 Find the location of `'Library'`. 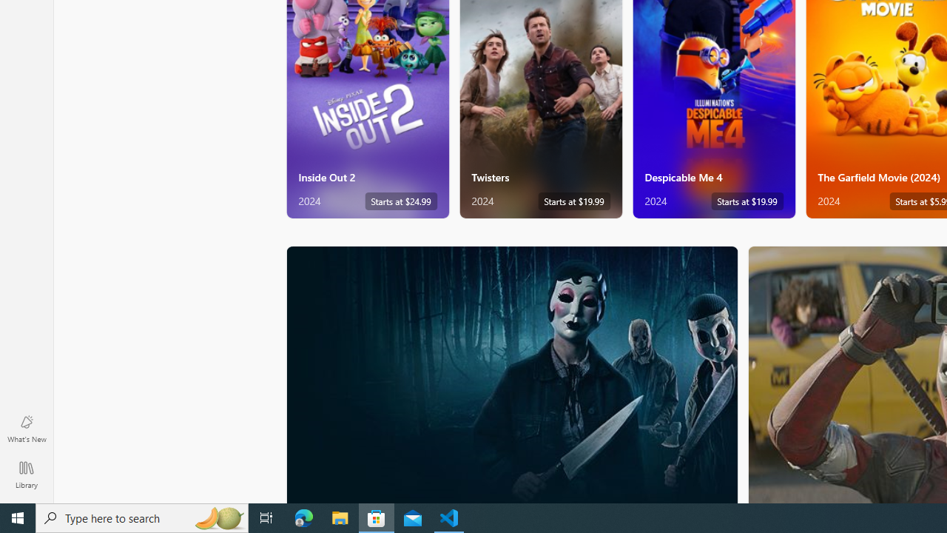

'Library' is located at coordinates (26, 474).